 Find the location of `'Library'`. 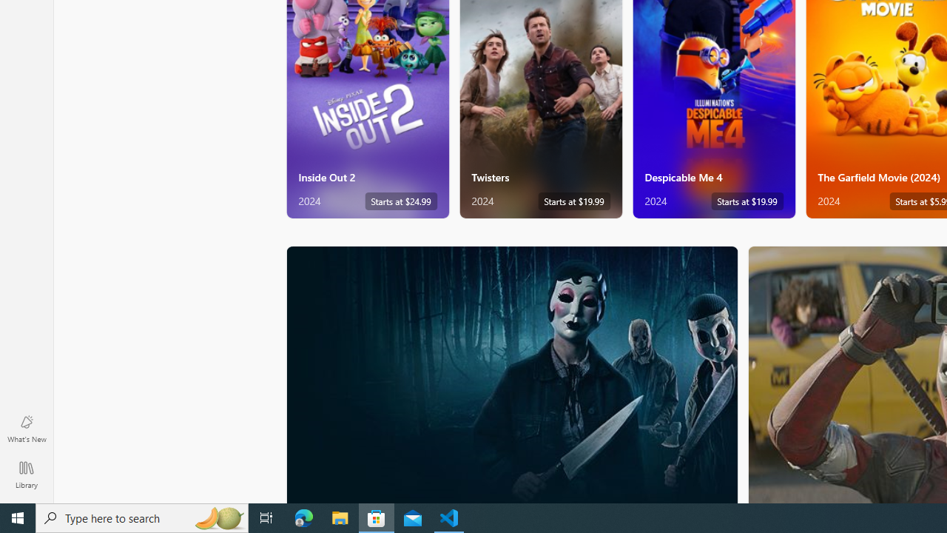

'Library' is located at coordinates (26, 474).